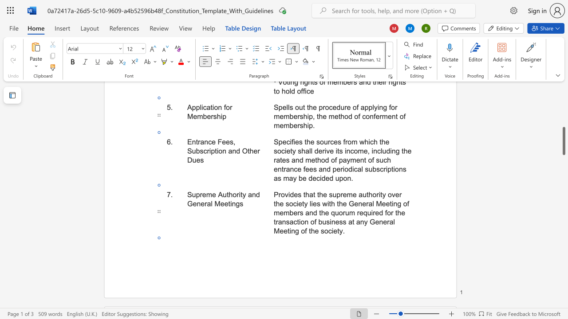  What do you see at coordinates (204, 204) in the screenshot?
I see `the space between the continuous character "e" and "r" in the text` at bounding box center [204, 204].